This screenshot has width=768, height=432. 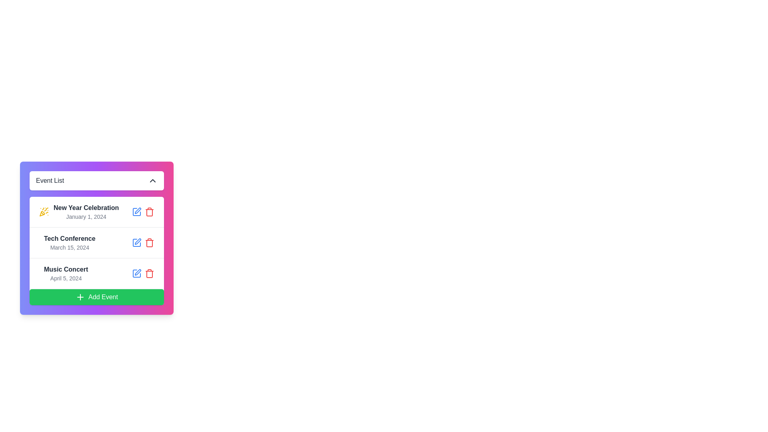 I want to click on the static text label displaying the date 'April 5, 2024', which is positioned below the 'Music Concert' title, so click(x=66, y=278).